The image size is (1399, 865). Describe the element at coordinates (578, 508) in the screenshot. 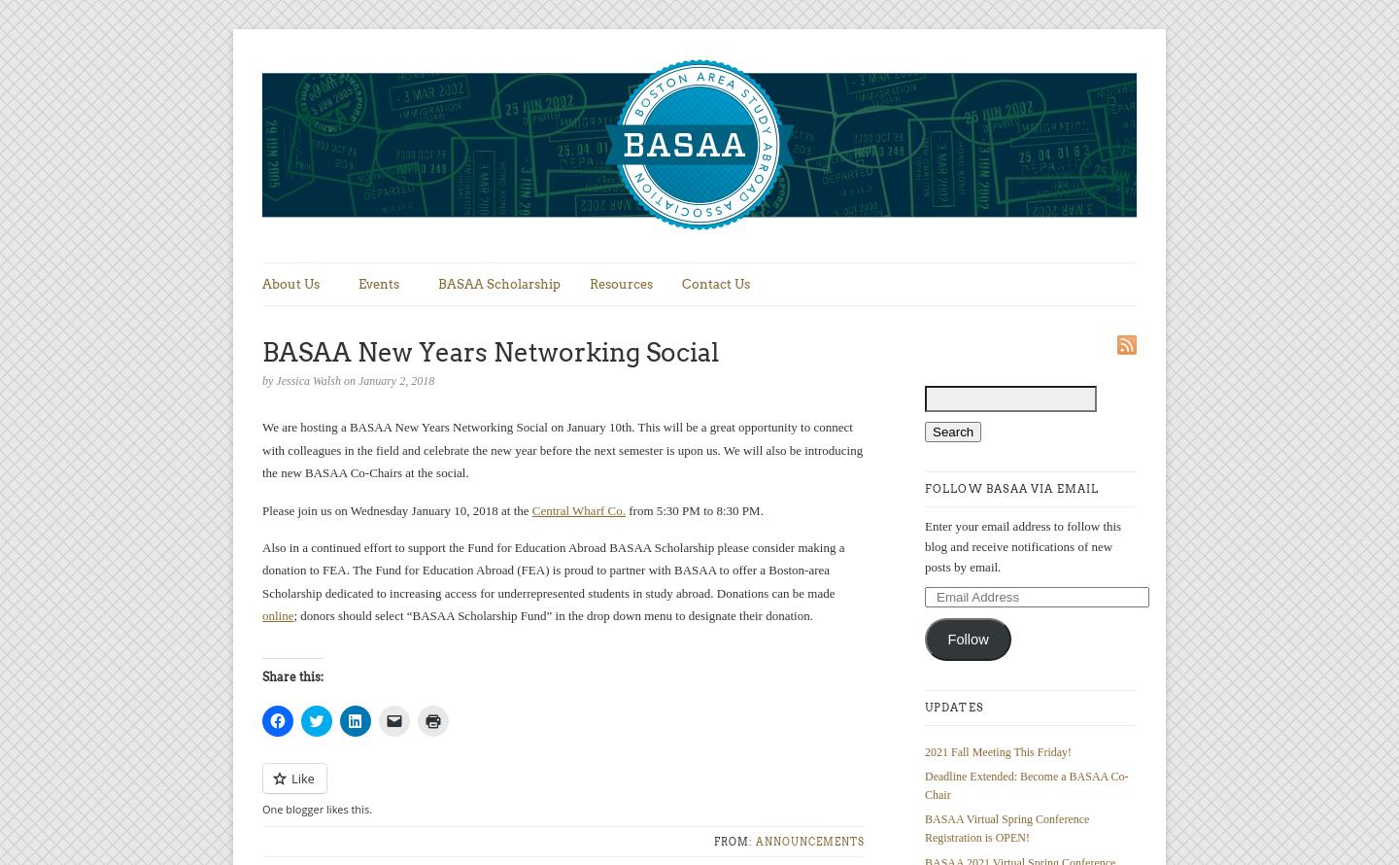

I see `'Central Wharf​ Co.'` at that location.